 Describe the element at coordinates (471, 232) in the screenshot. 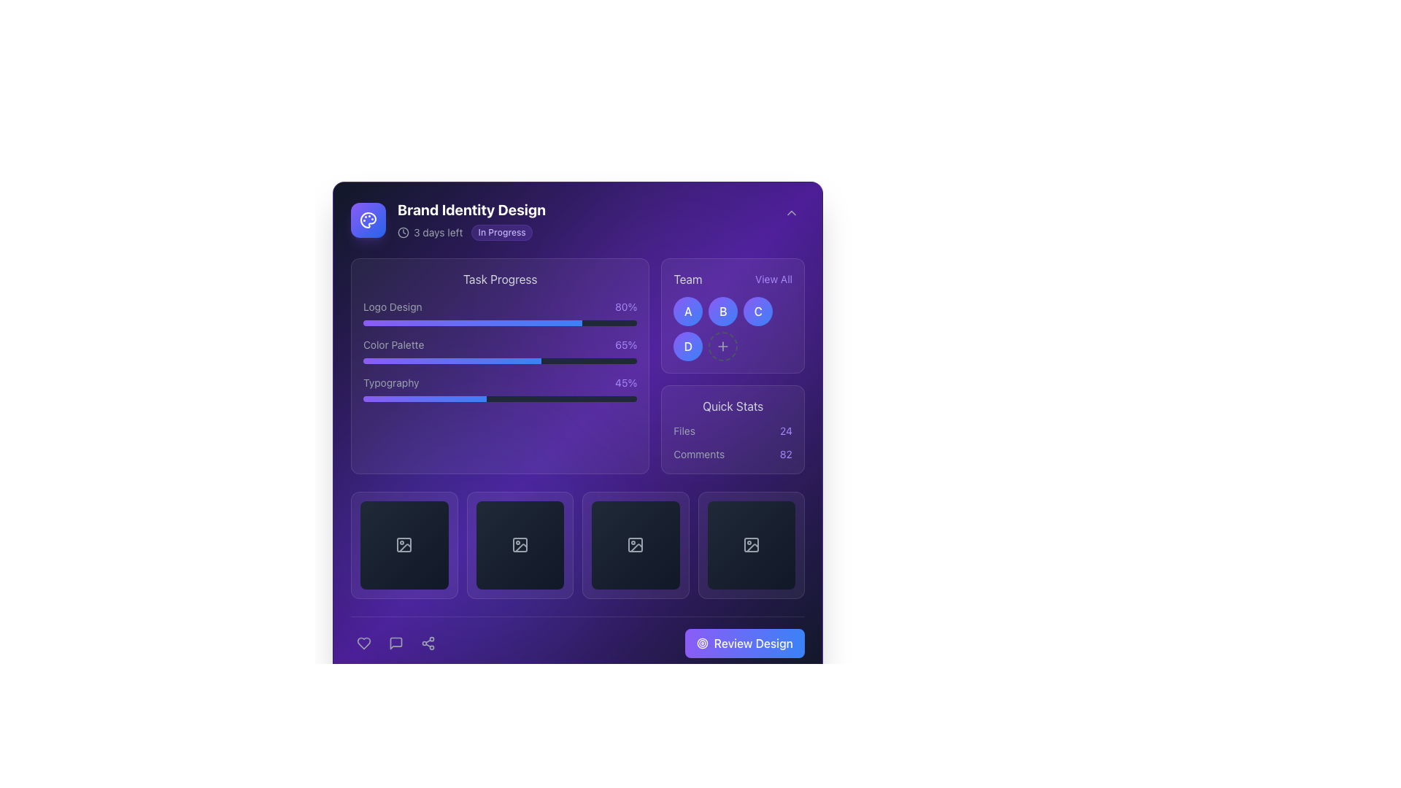

I see `the status badge labeled 'In Progress' which is displayed on the right side of the informational label indicating task status` at that location.